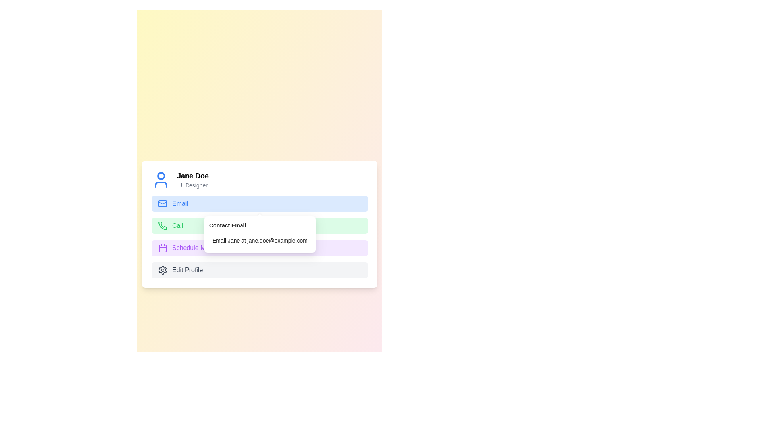  I want to click on the user identification Text Display located to the right of the blue-colored profile icon in the upper-left quadrant of the interface, so click(192, 180).